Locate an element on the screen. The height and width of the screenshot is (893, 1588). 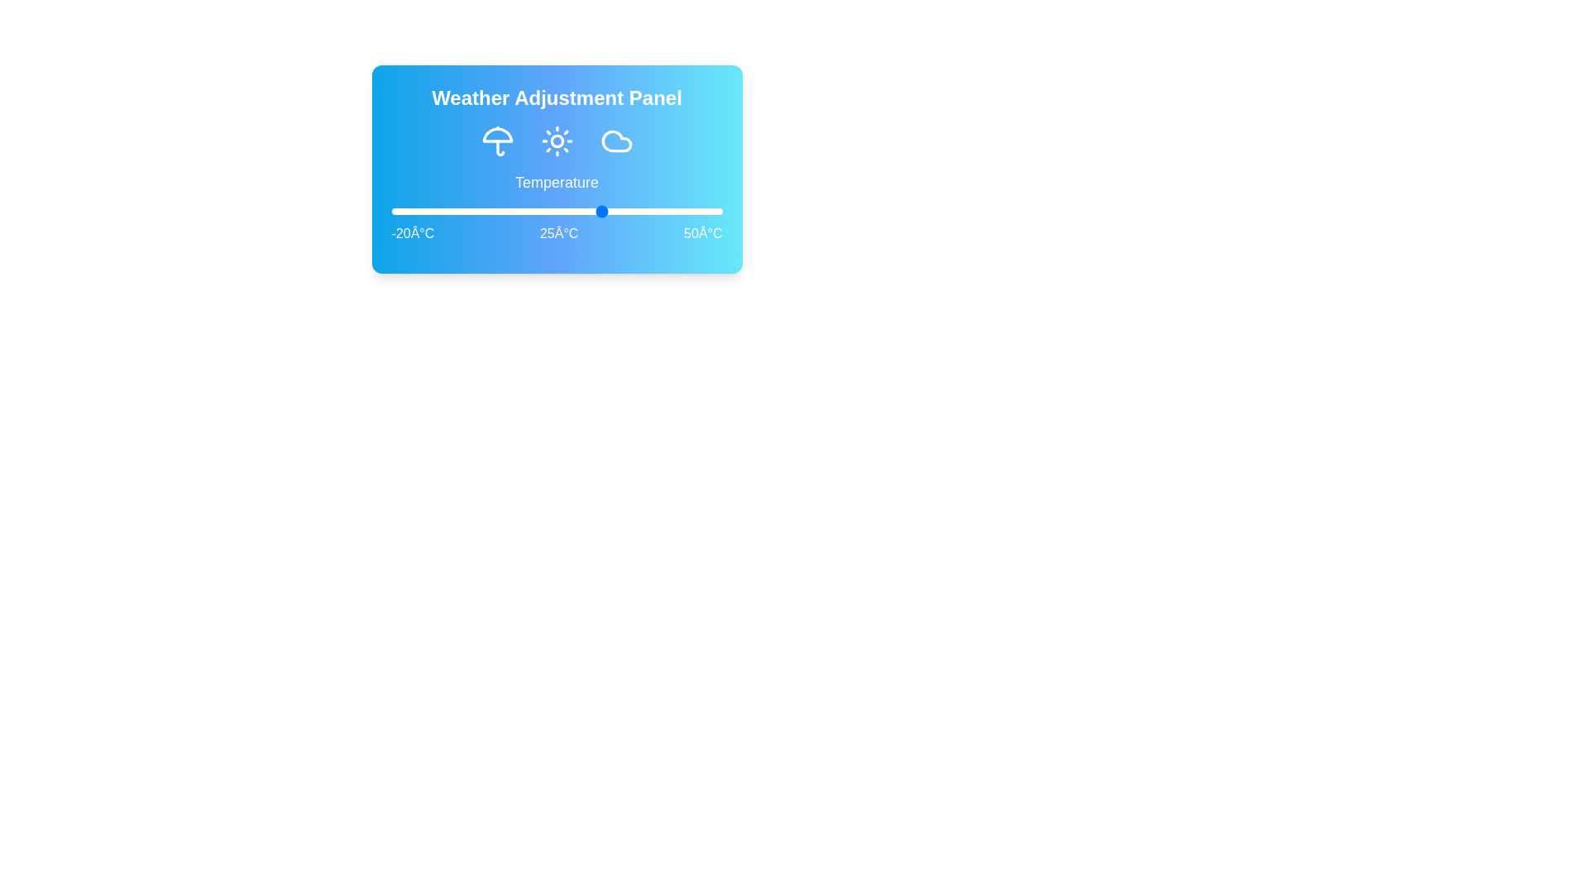
the Weather Adjustment Panel to focus on it is located at coordinates (557, 169).